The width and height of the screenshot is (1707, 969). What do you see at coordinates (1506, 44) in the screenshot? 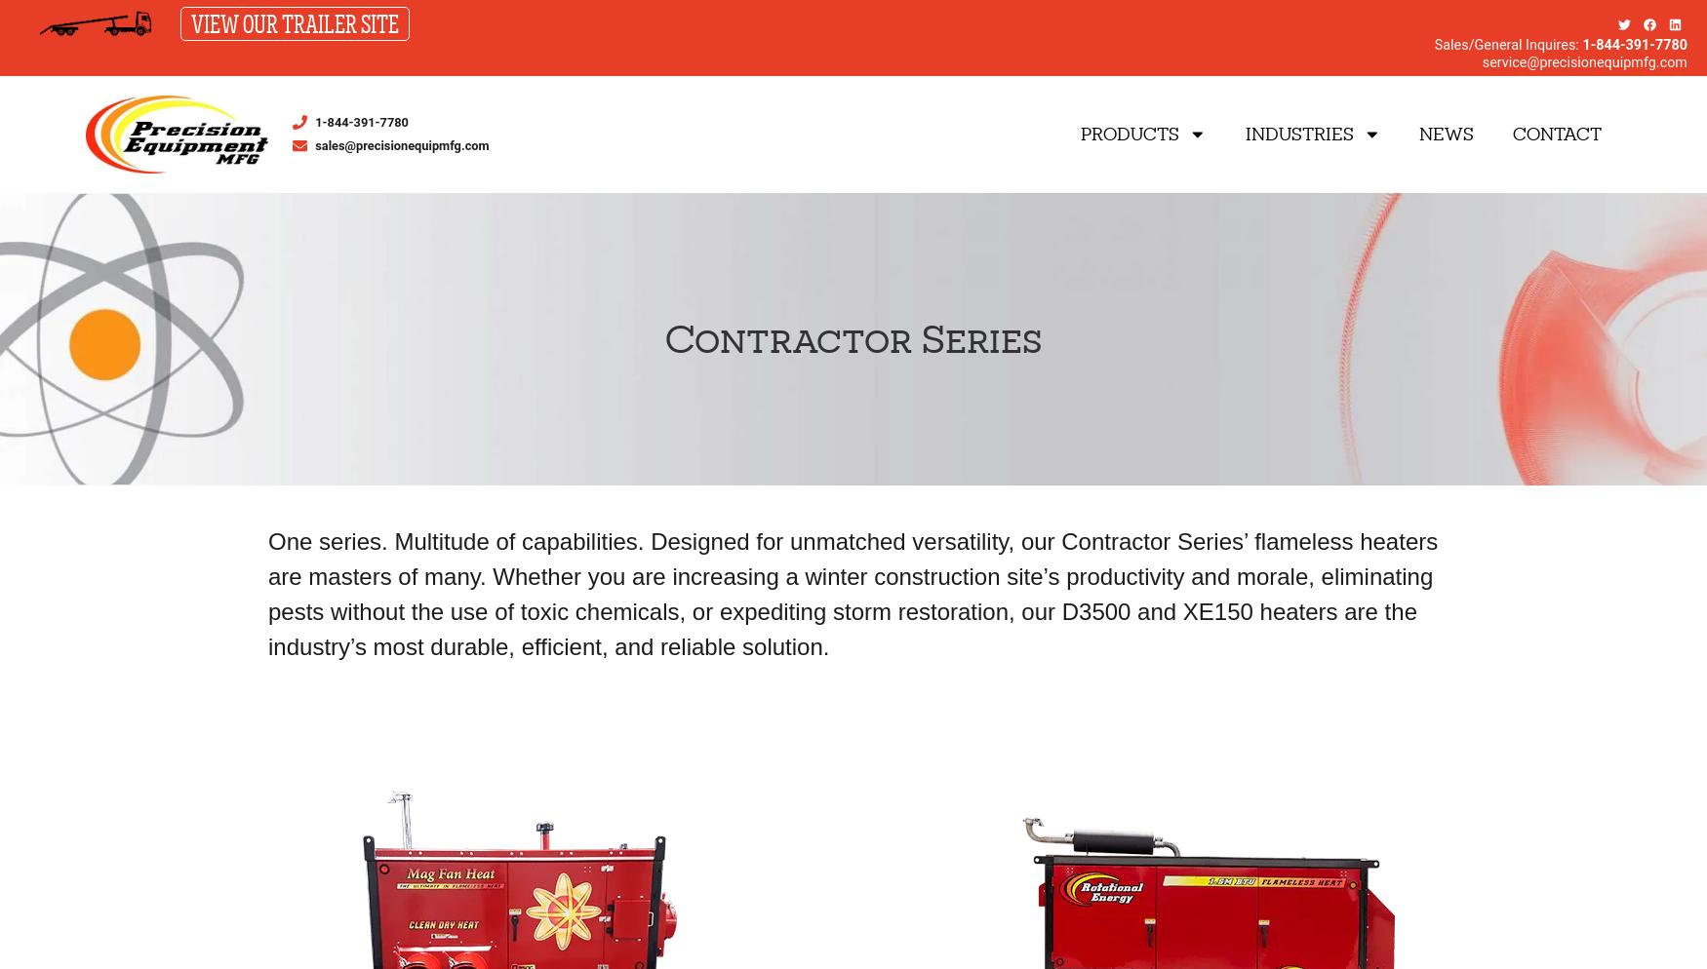
I see `'Sales/General Inquires:'` at bounding box center [1506, 44].